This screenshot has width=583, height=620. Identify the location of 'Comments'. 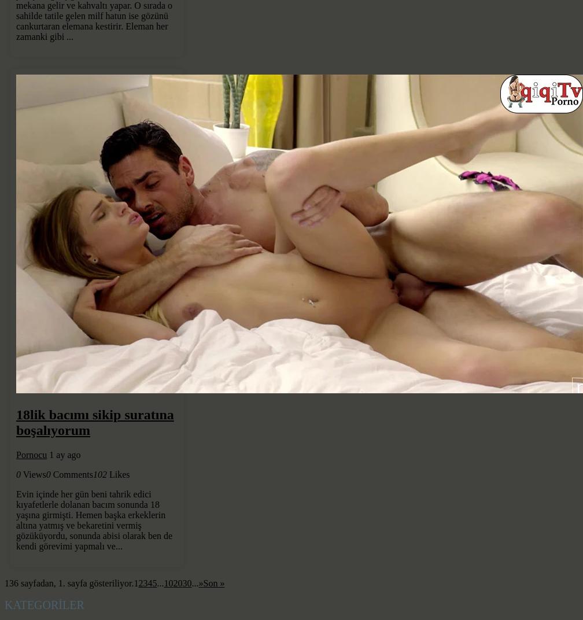
(53, 474).